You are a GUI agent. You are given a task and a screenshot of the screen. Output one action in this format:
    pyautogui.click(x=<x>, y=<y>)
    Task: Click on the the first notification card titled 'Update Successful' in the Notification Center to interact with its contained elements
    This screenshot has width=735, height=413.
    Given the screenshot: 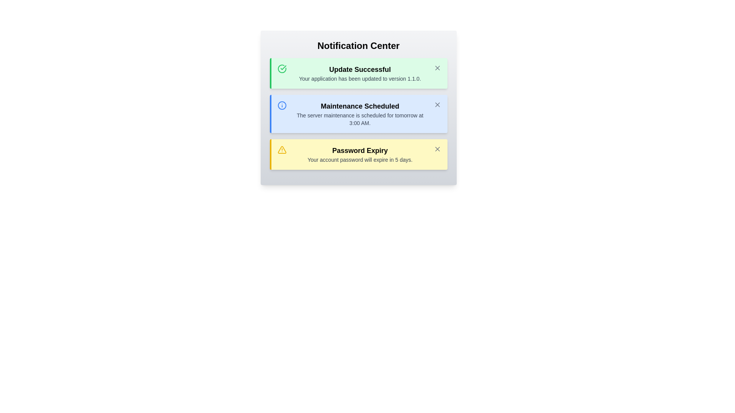 What is the action you would take?
    pyautogui.click(x=358, y=73)
    